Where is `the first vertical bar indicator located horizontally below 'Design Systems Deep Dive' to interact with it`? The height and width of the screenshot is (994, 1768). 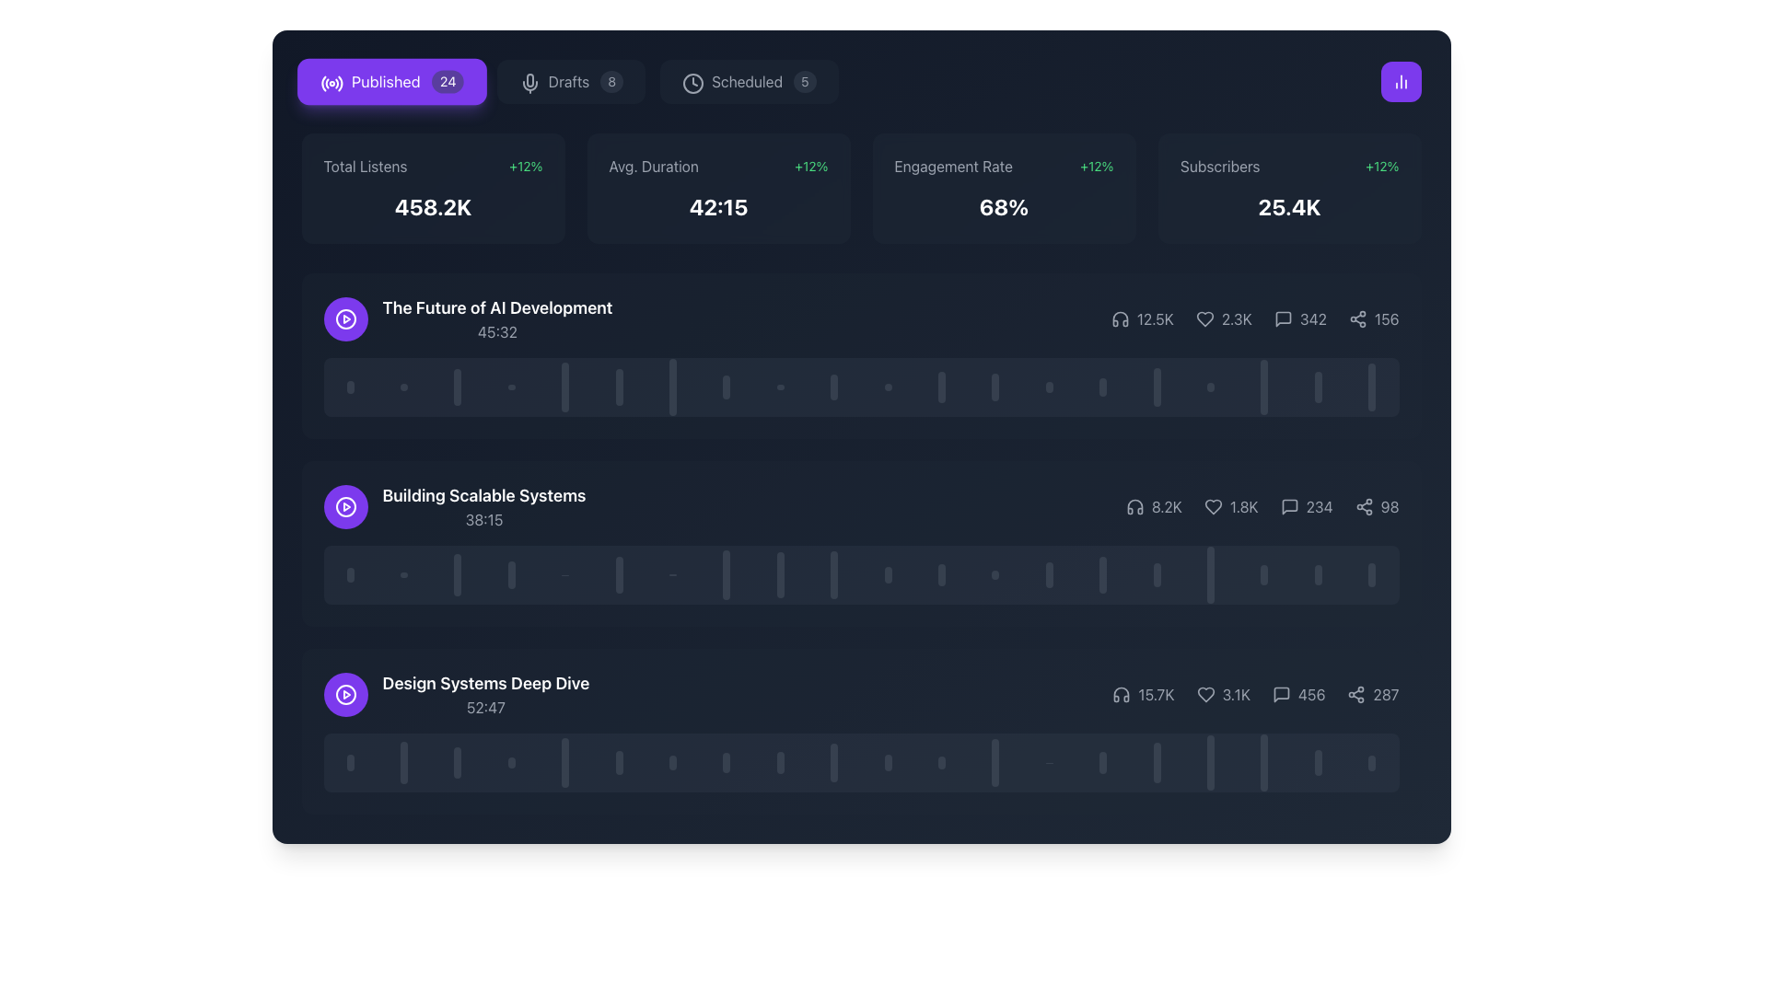 the first vertical bar indicator located horizontally below 'Design Systems Deep Dive' to interact with it is located at coordinates (350, 763).